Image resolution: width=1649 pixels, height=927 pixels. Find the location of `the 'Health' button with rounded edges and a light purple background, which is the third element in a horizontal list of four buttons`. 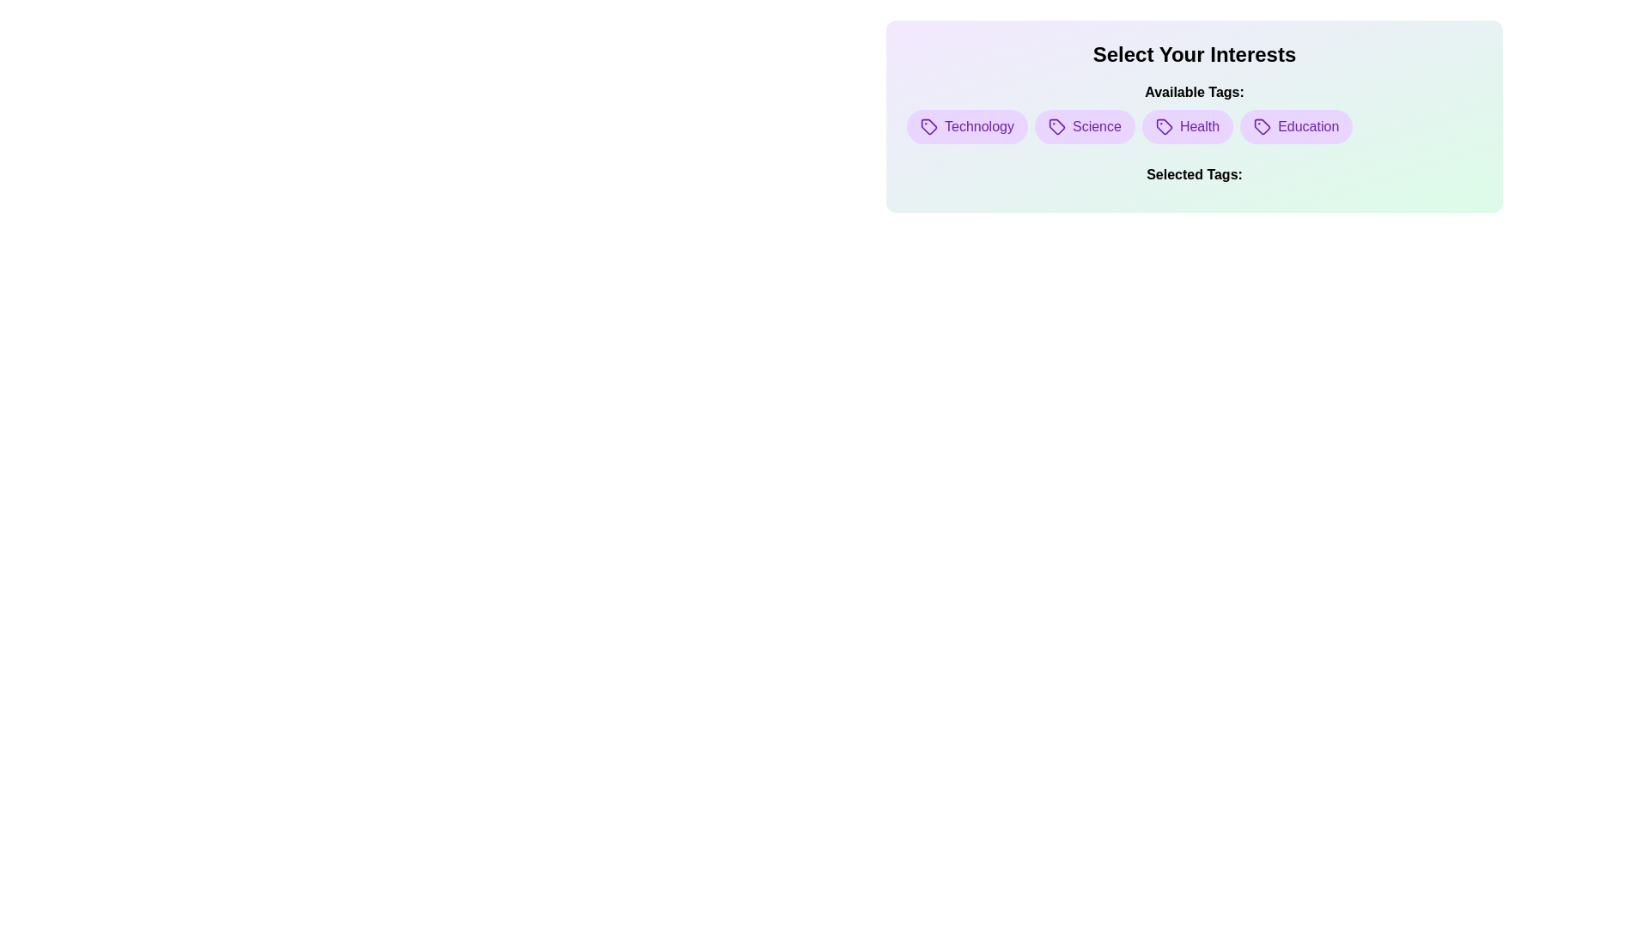

the 'Health' button with rounded edges and a light purple background, which is the third element in a horizontal list of four buttons is located at coordinates (1186, 125).